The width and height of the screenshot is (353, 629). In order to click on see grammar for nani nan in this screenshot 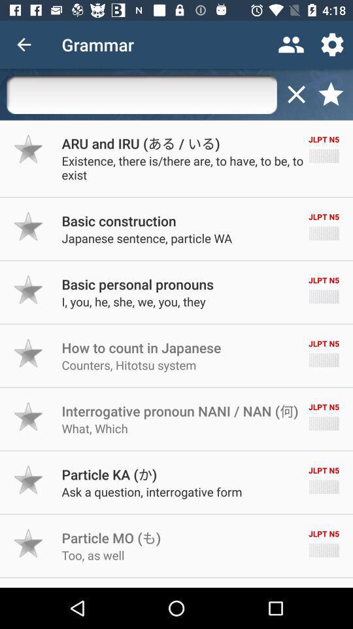, I will do `click(29, 416)`.